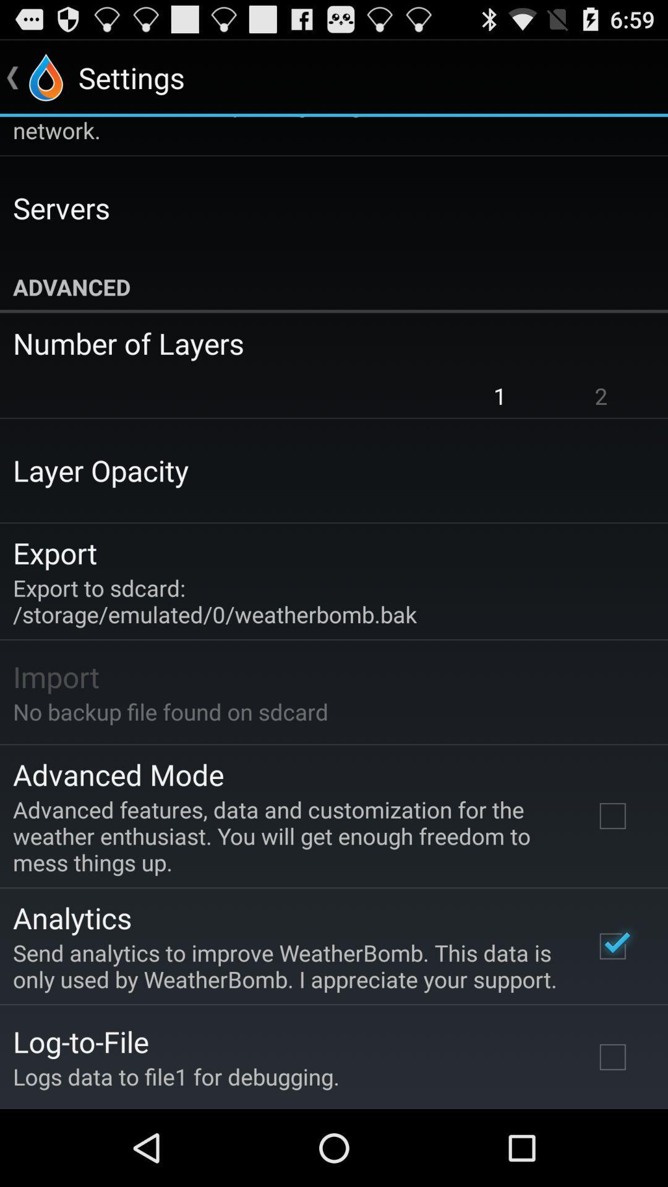 The image size is (668, 1187). I want to click on no backup file, so click(171, 712).